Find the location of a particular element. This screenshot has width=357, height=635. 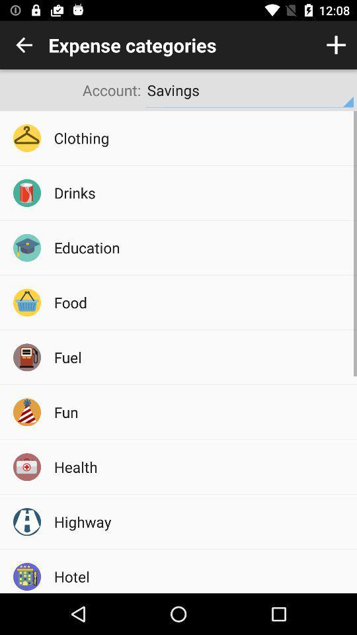

the right side of account is located at coordinates (250, 89).